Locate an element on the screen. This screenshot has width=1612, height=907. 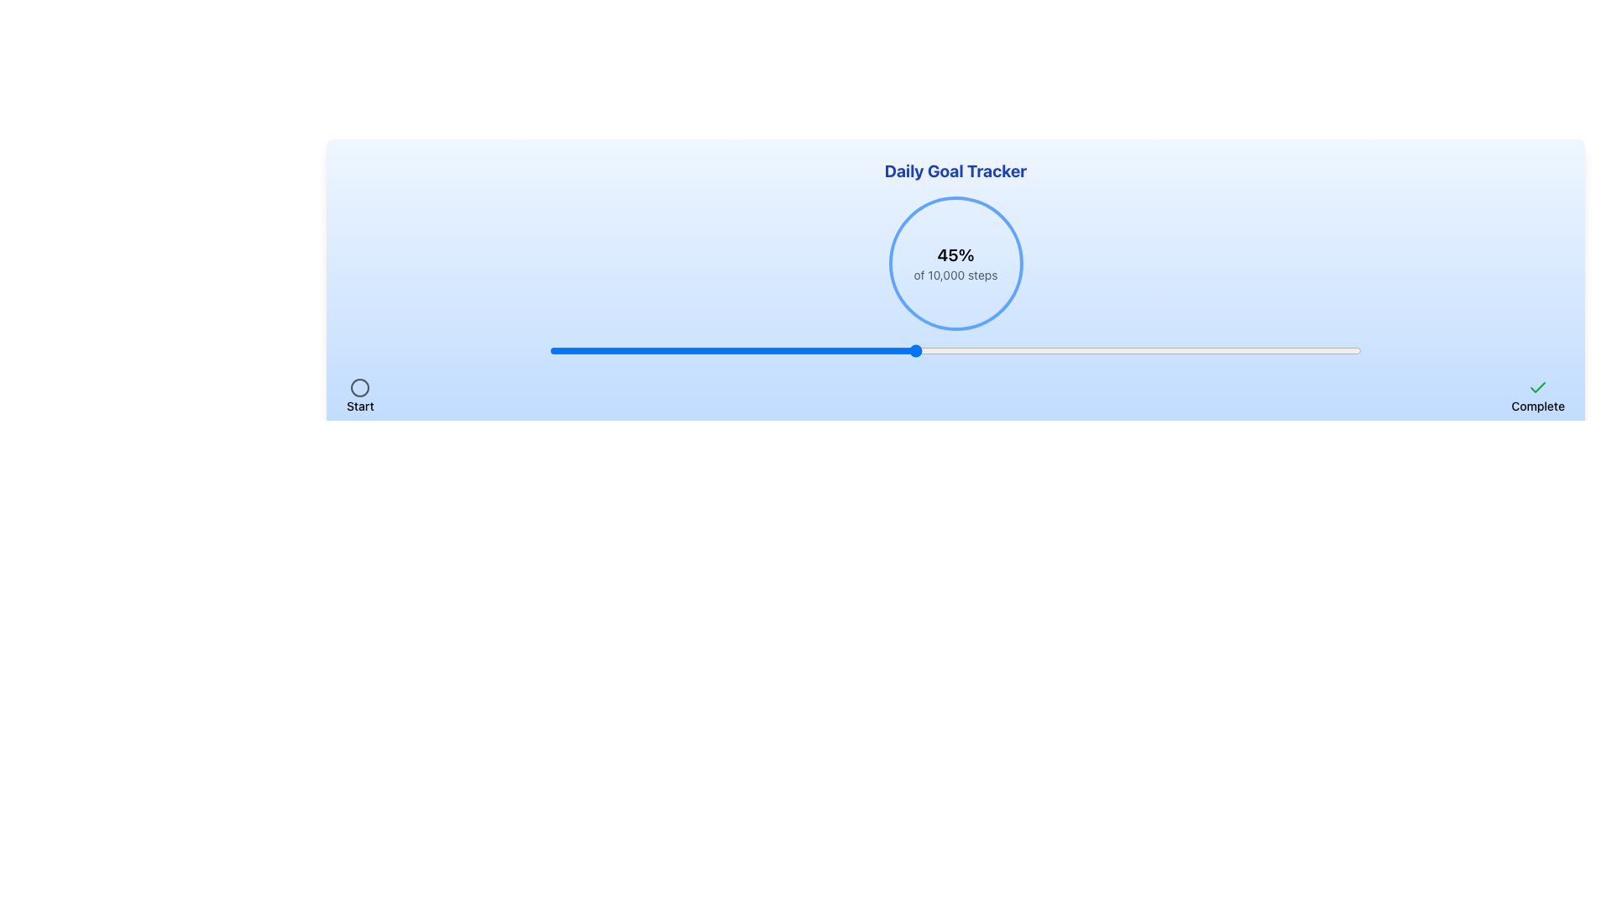
the 'Complete' label with a green checkmark icon located at the bottom-right area of the interface is located at coordinates (1538, 396).